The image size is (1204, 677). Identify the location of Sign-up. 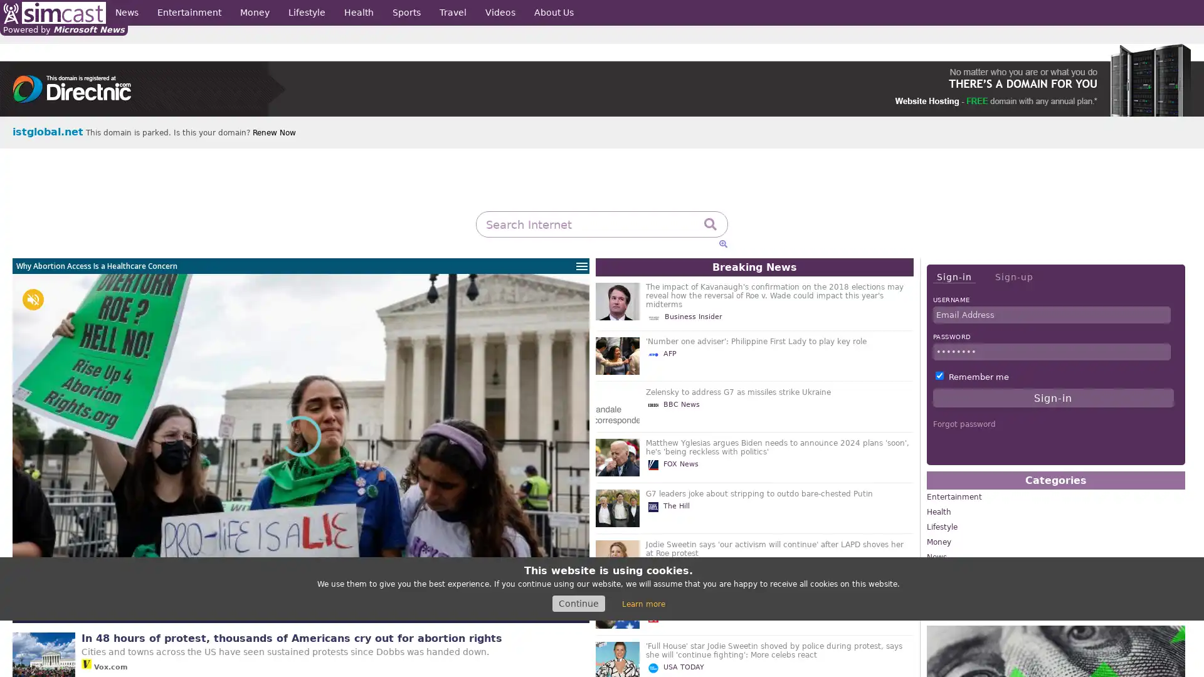
(1013, 276).